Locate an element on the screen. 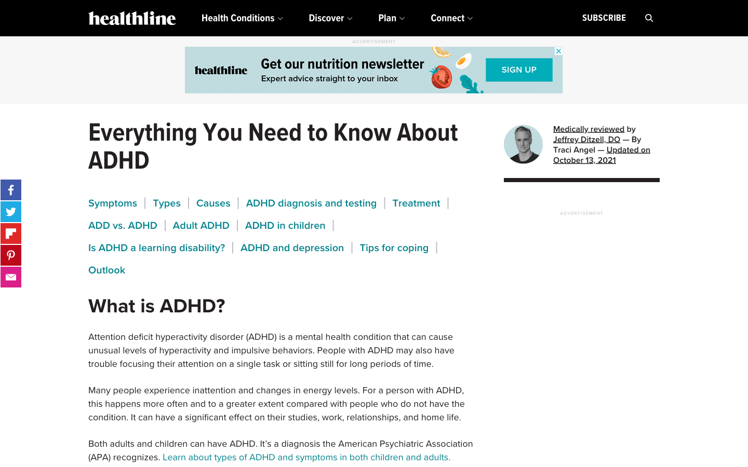 This screenshot has width=748, height=467. suggestions for managing ADHD is located at coordinates (393, 247).